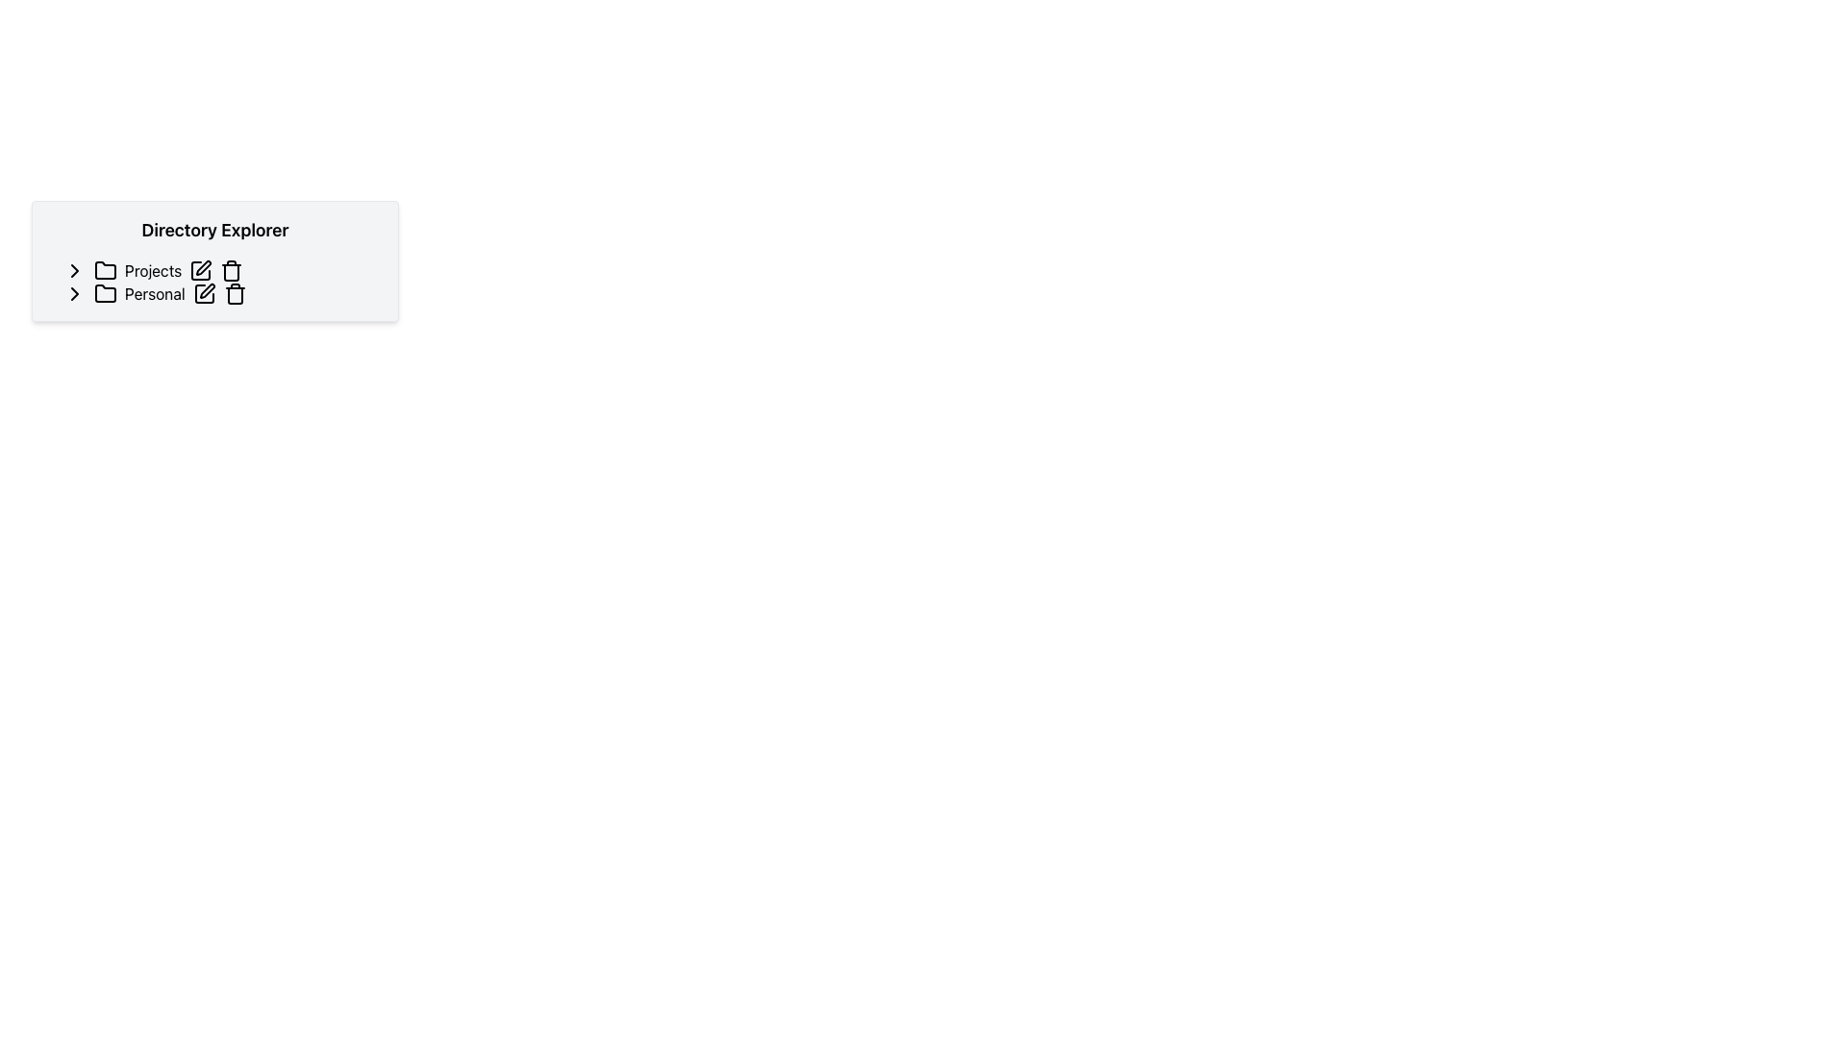 The height and width of the screenshot is (1038, 1846). I want to click on the edit button in the 'Directory Explorer' interface, located in the 'Projects' row, so click(204, 267).